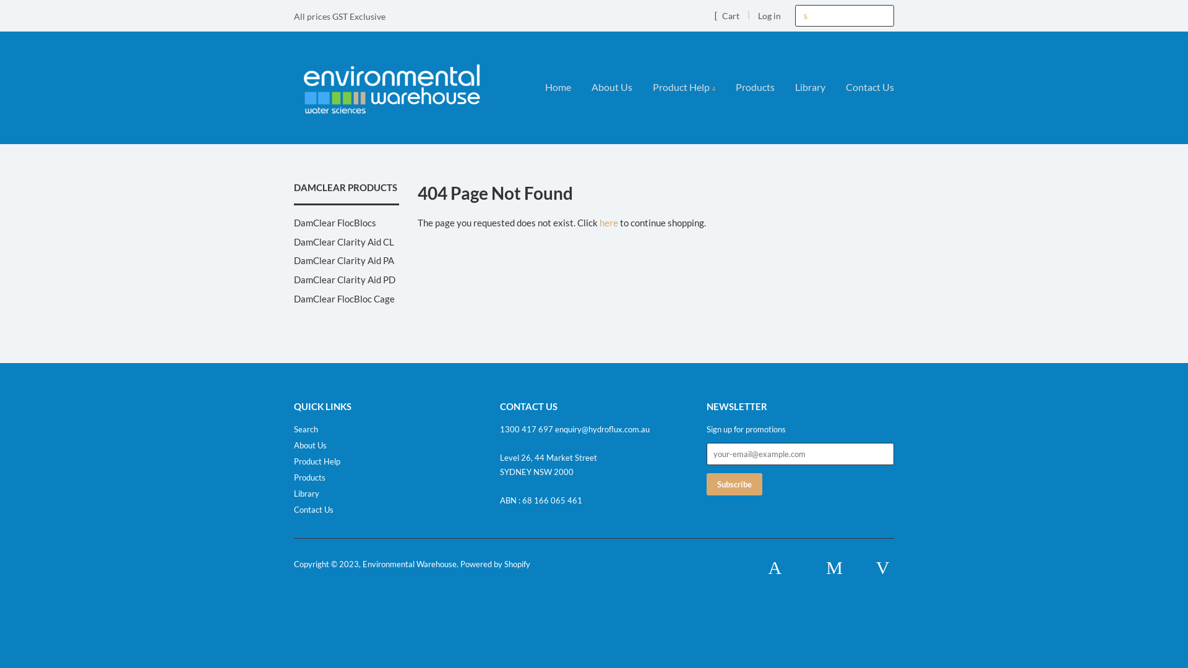 The image size is (1188, 668). Describe the element at coordinates (495, 563) in the screenshot. I see `'Powered by Shopify'` at that location.